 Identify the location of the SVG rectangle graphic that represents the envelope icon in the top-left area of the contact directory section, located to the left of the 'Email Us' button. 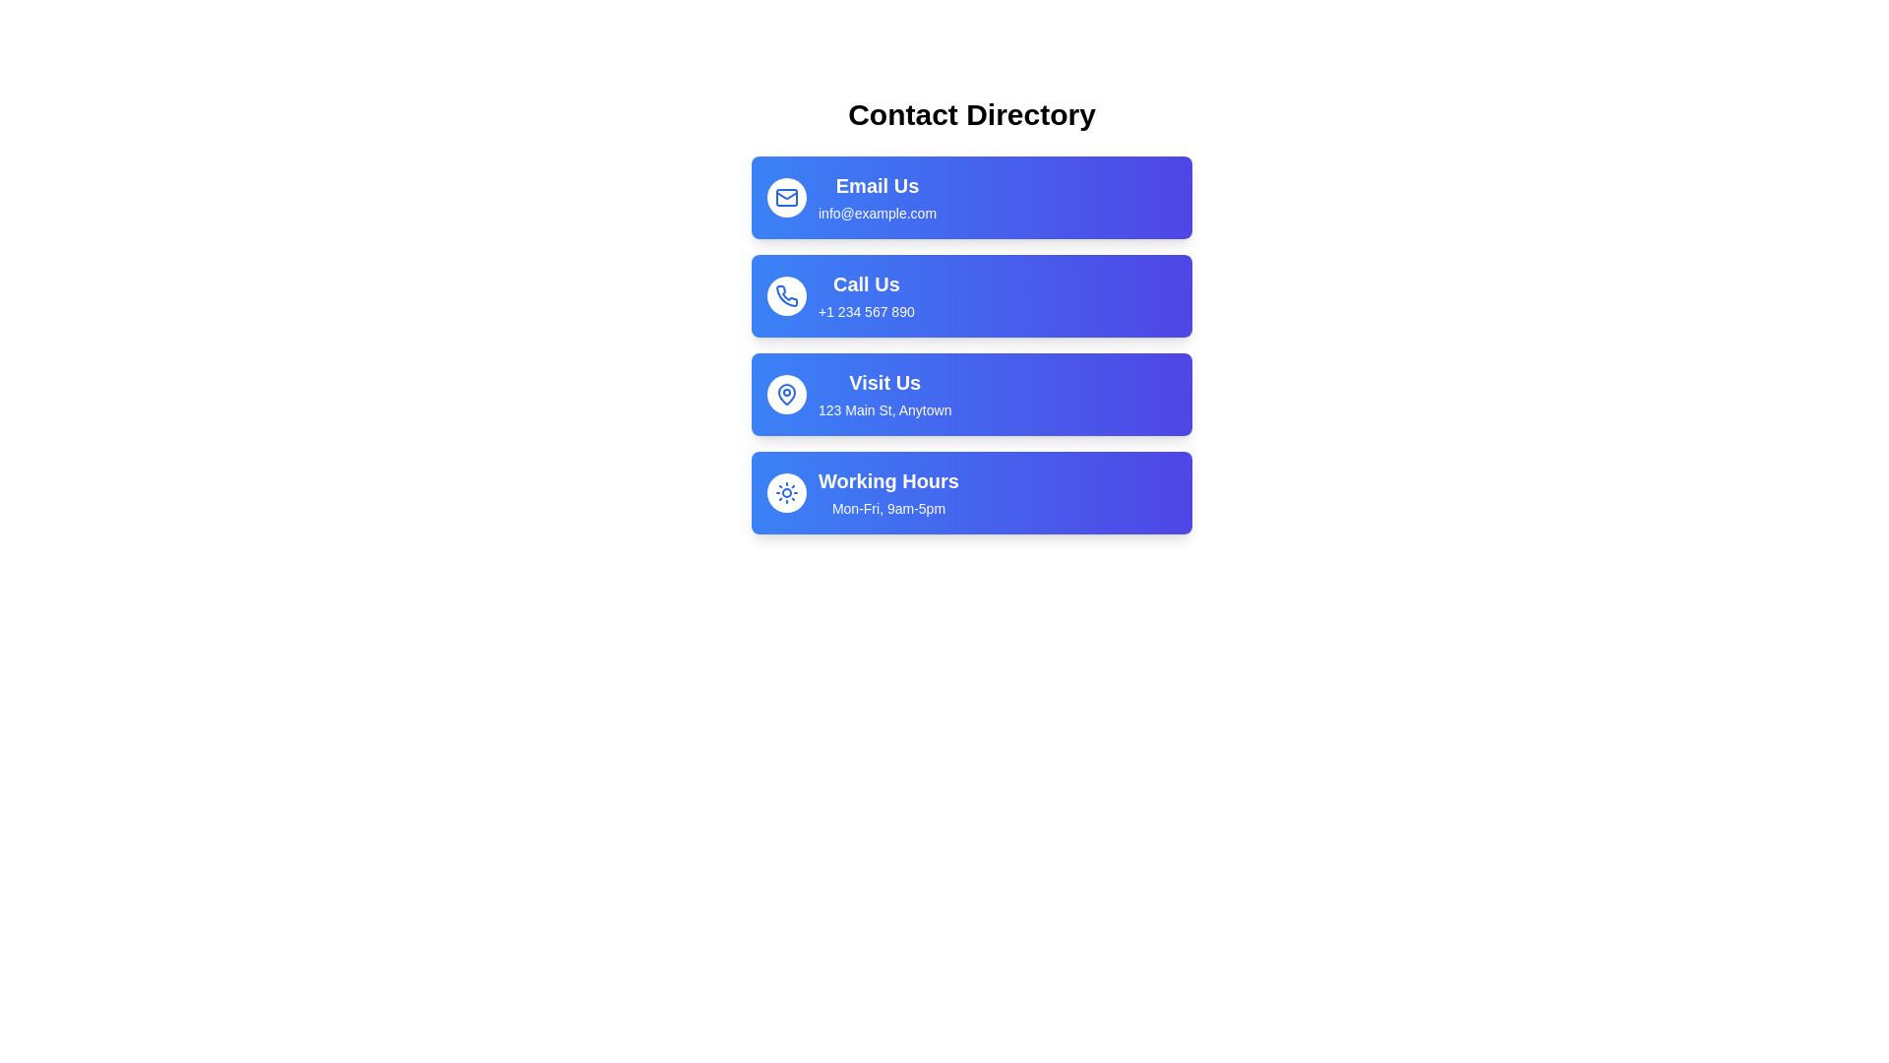
(787, 197).